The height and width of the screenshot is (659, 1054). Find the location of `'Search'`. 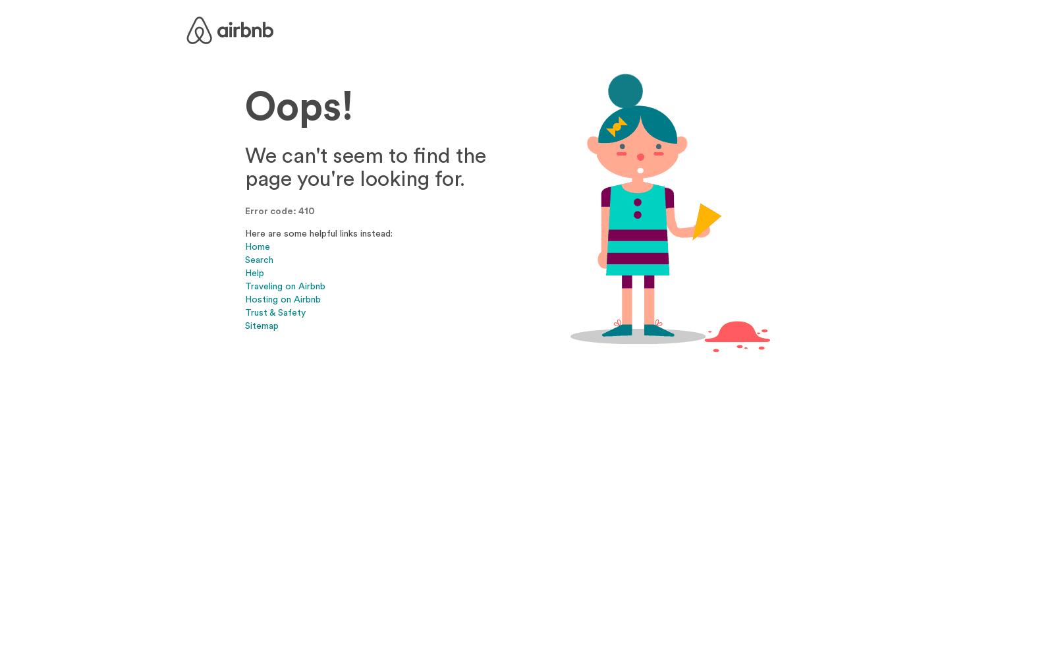

'Search' is located at coordinates (259, 259).